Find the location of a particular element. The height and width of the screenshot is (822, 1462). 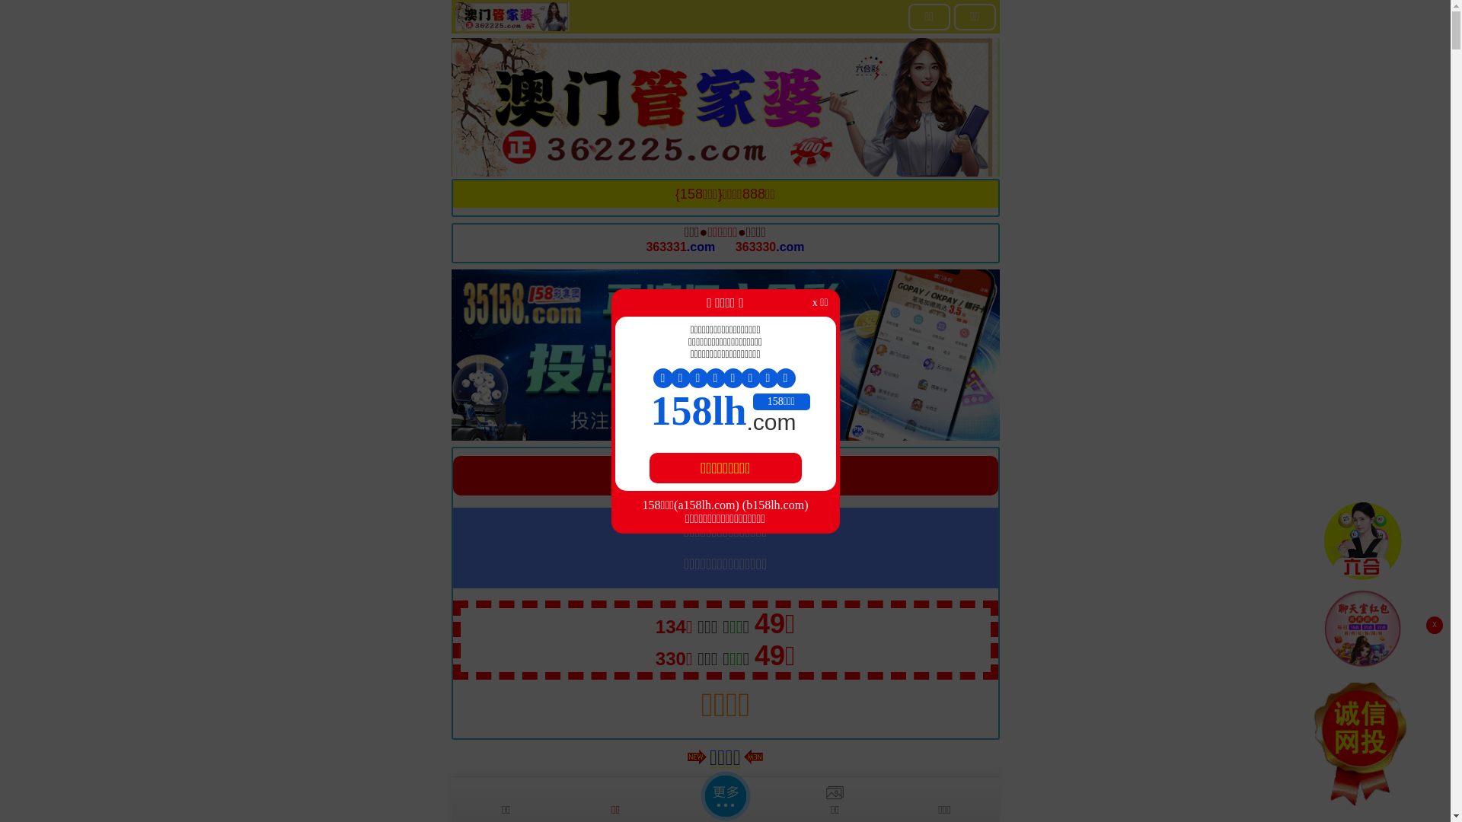

'x' is located at coordinates (1433, 625).